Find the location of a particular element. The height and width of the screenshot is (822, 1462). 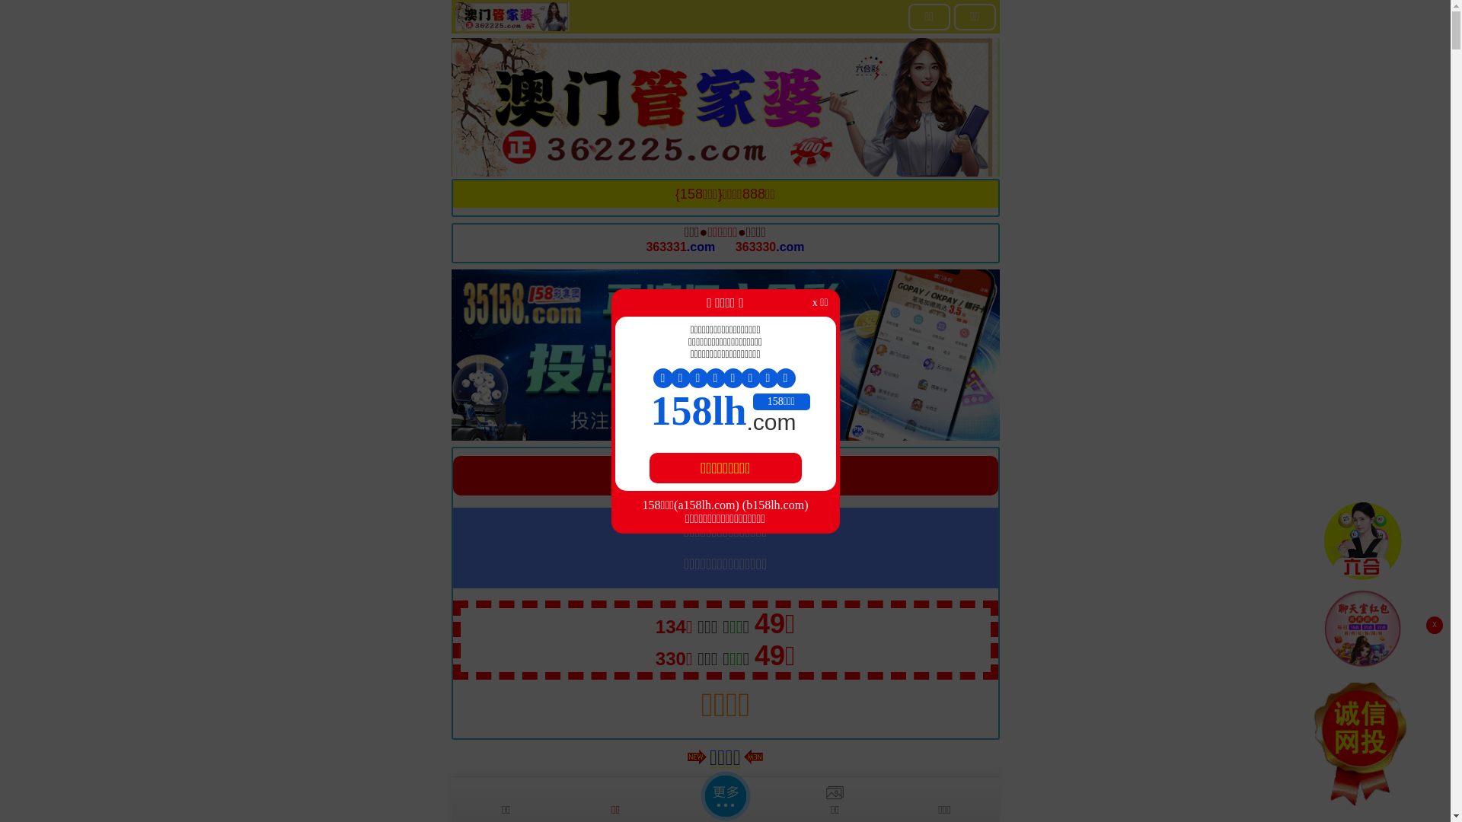

'x' is located at coordinates (1433, 625).